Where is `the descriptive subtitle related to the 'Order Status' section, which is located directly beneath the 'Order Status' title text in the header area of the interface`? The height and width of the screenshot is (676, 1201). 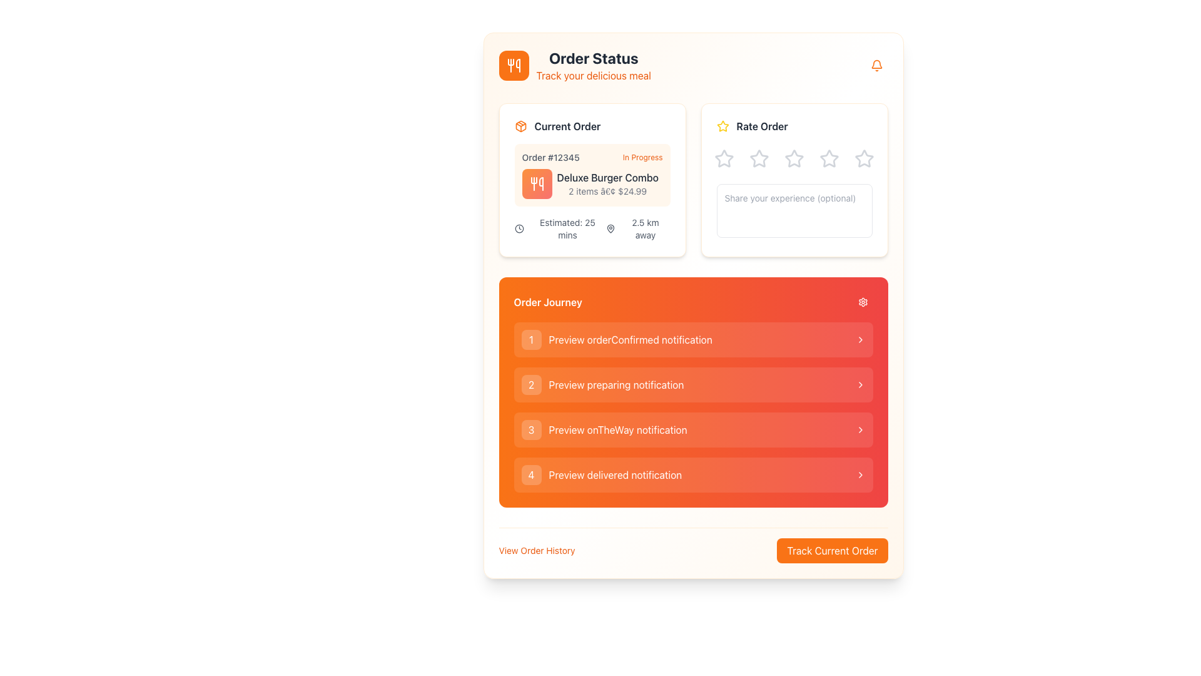 the descriptive subtitle related to the 'Order Status' section, which is located directly beneath the 'Order Status' title text in the header area of the interface is located at coordinates (593, 75).